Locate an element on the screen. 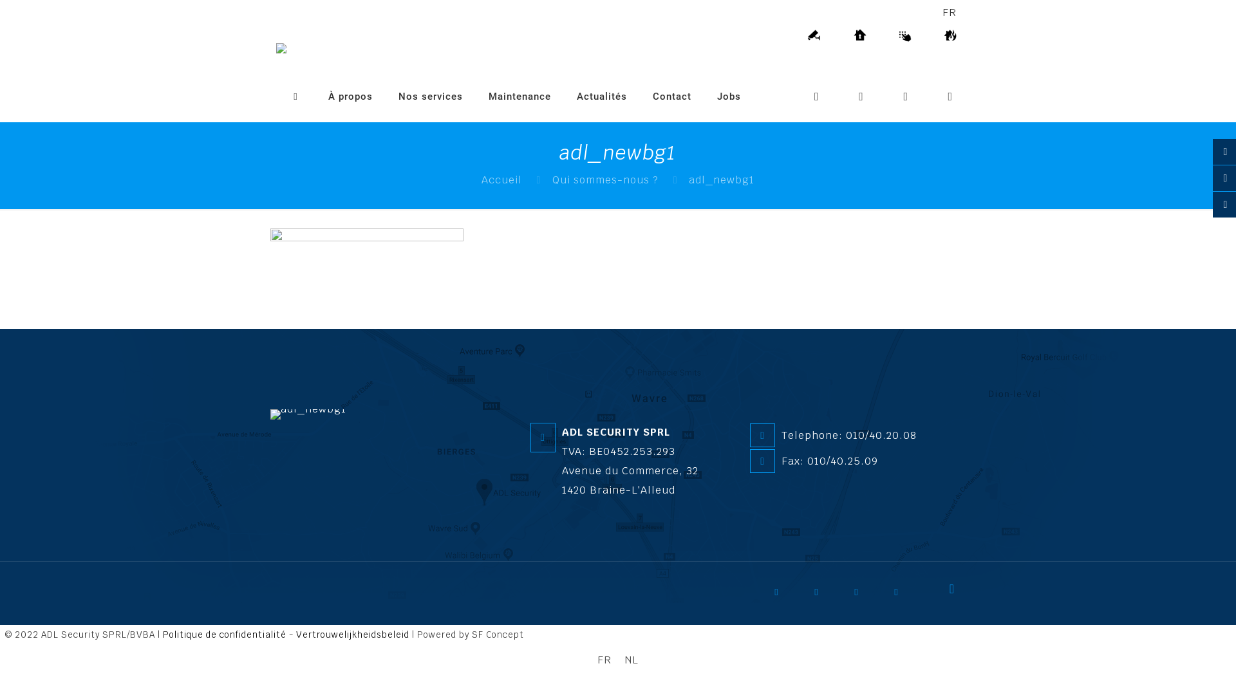 The height and width of the screenshot is (695, 1236). 'Contact' is located at coordinates (671, 96).